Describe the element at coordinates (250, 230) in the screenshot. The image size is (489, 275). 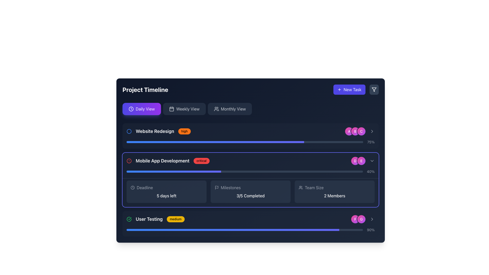
I see `the progress bar indicating 90% completion located at the bottom of the 'User Testing' card in the timeline interface` at that location.